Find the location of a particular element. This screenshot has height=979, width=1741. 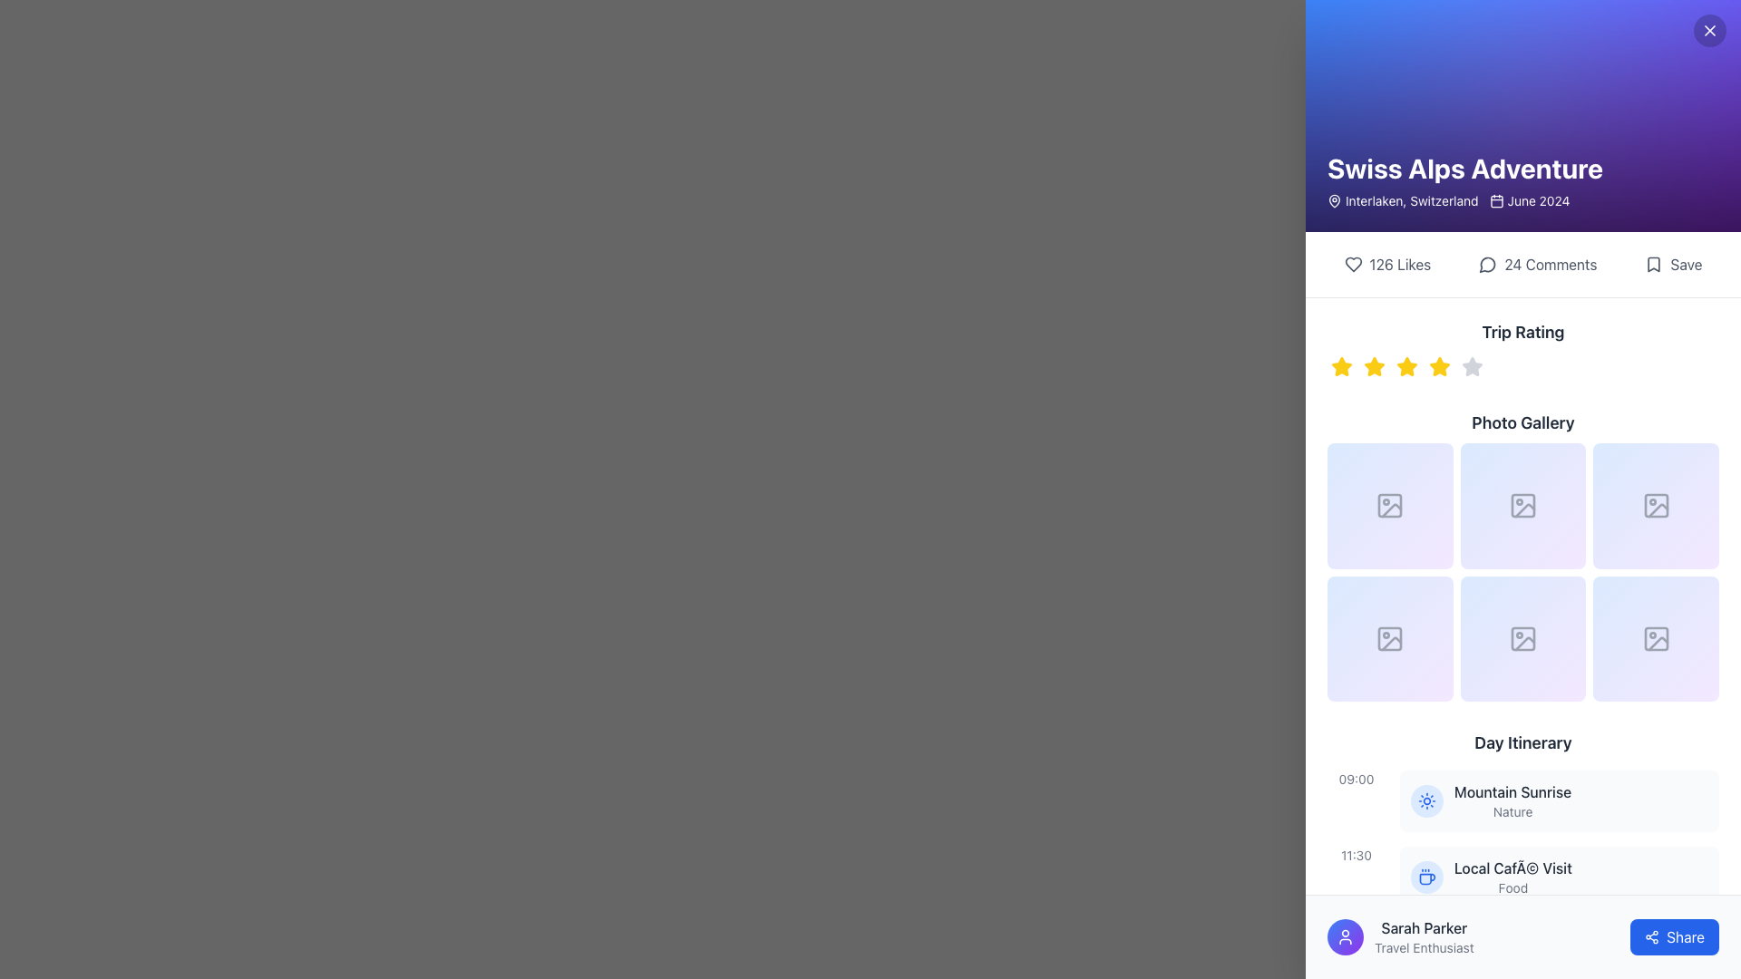

the visual icon component, which serves as an image placeholder in the photo gallery grid is located at coordinates (1523, 506).